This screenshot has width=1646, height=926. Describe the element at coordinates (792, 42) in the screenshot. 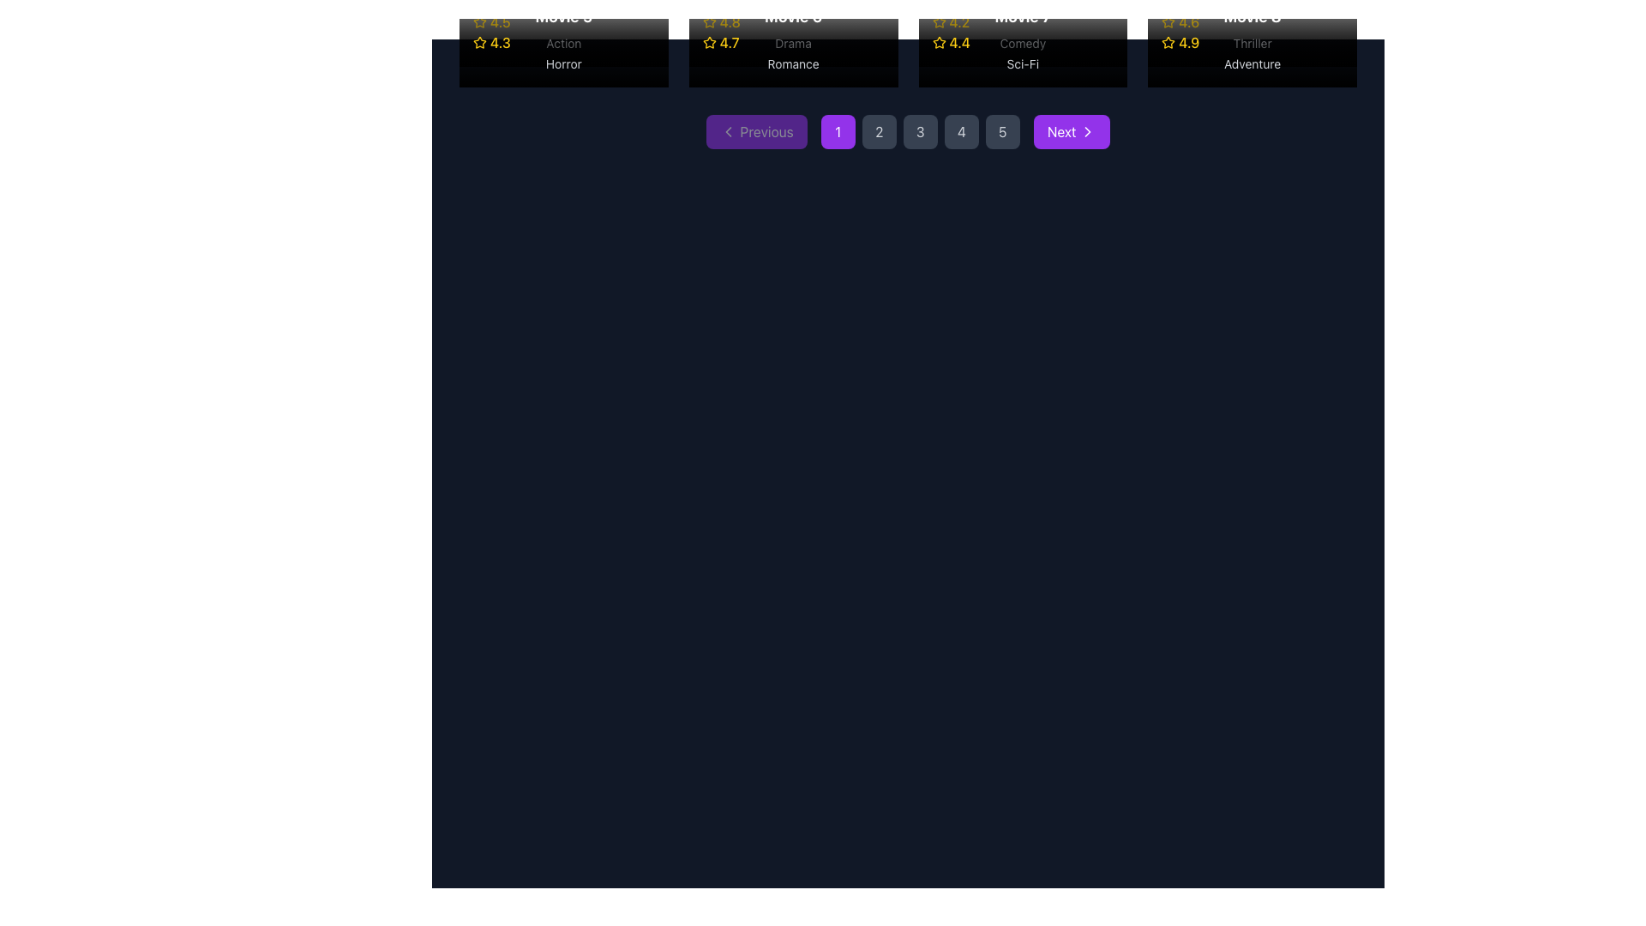

I see `the text label indicating the genre or category of the associated movie content, located at the bottom of the item display card after the star rating and movie title` at that location.